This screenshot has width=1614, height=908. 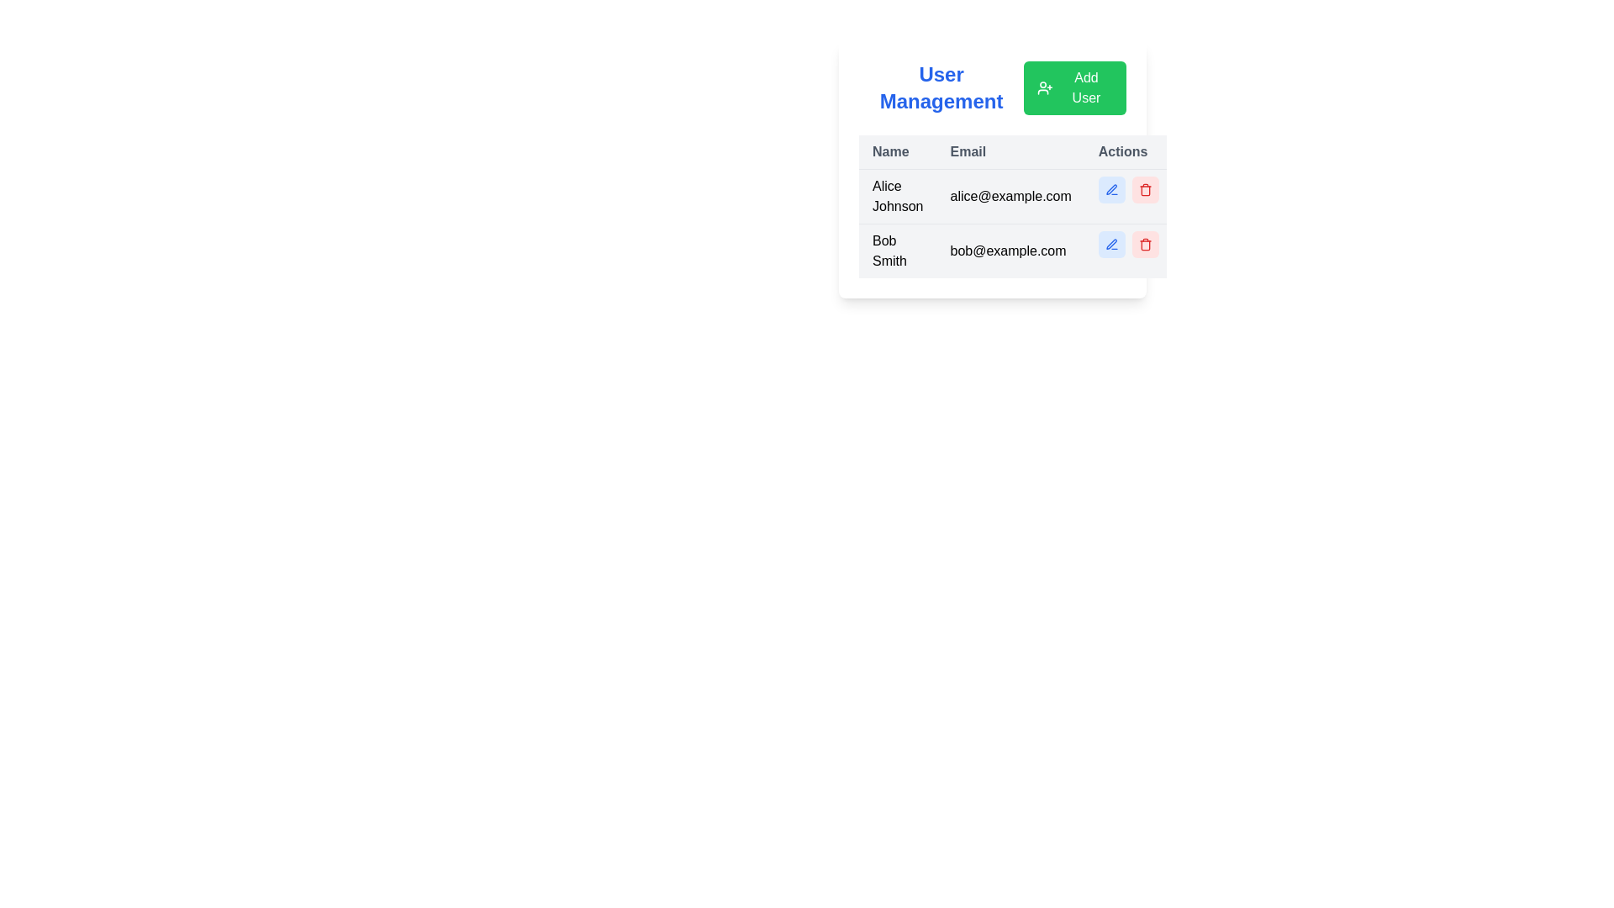 I want to click on the user icon with a plus symbol, which is styled with a green circle background and located to the left of the text 'Add User' within the button, so click(x=1044, y=87).